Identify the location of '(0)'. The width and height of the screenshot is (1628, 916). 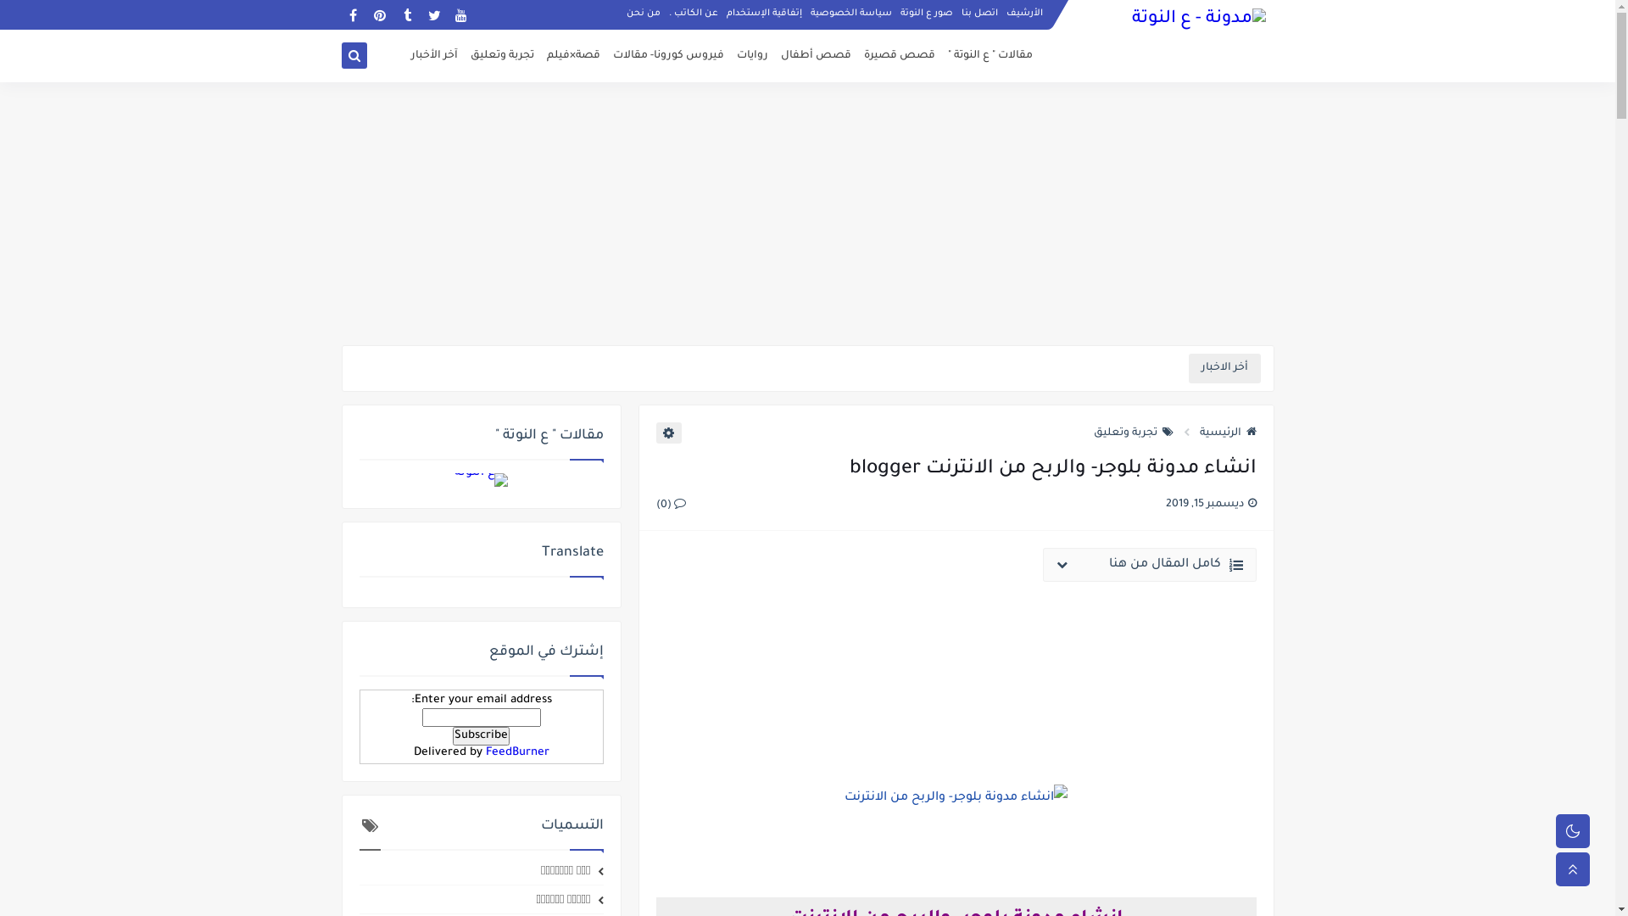
(670, 503).